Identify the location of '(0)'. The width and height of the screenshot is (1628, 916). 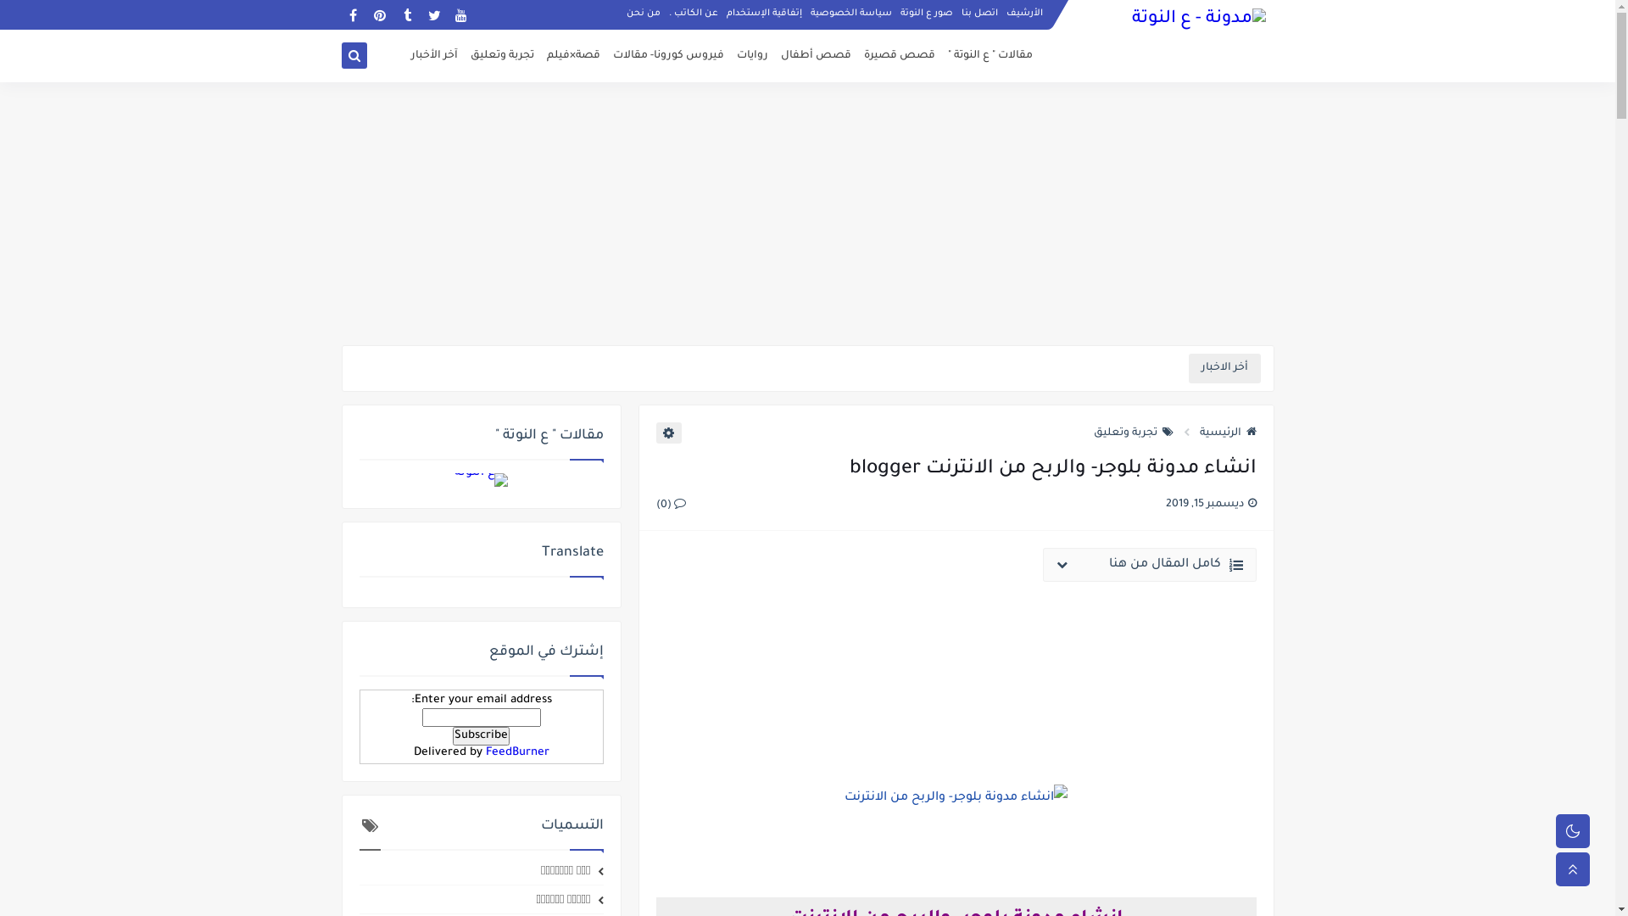
(670, 503).